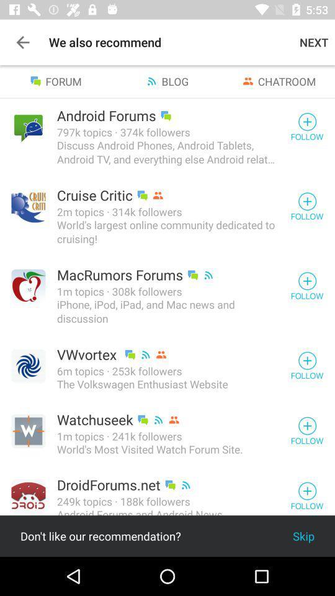 The height and width of the screenshot is (596, 335). I want to click on item above forum, so click(22, 42).